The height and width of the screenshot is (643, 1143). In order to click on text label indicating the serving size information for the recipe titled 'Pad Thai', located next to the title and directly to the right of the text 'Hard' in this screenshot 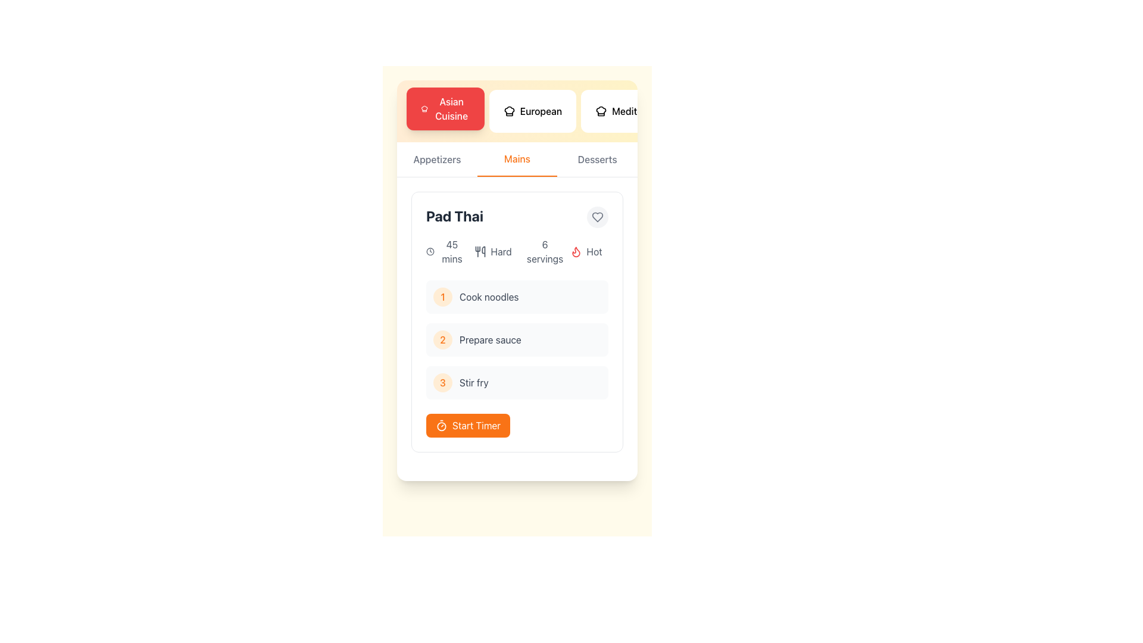, I will do `click(544, 251)`.